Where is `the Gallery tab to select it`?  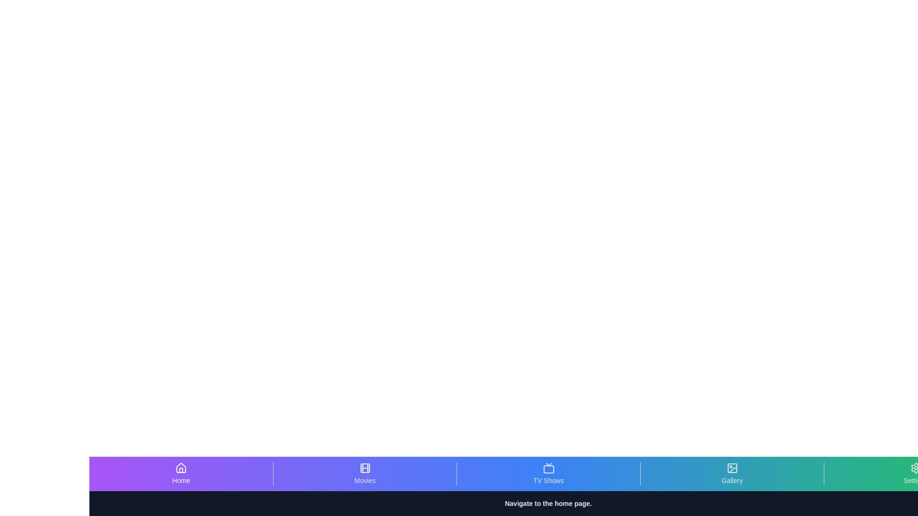 the Gallery tab to select it is located at coordinates (732, 473).